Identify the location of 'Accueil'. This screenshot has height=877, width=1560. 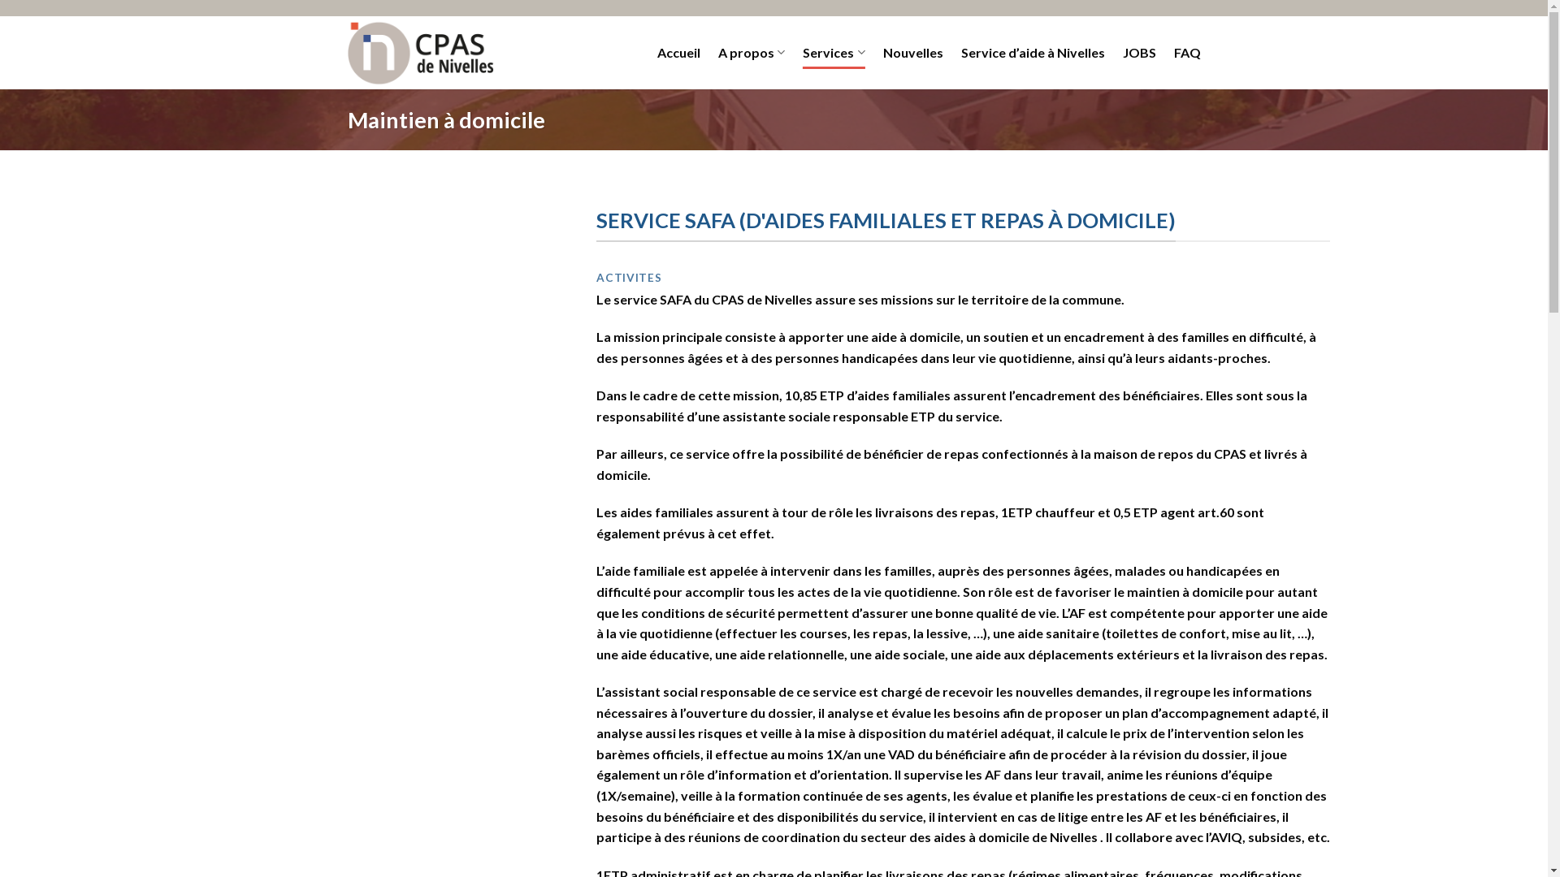
(678, 52).